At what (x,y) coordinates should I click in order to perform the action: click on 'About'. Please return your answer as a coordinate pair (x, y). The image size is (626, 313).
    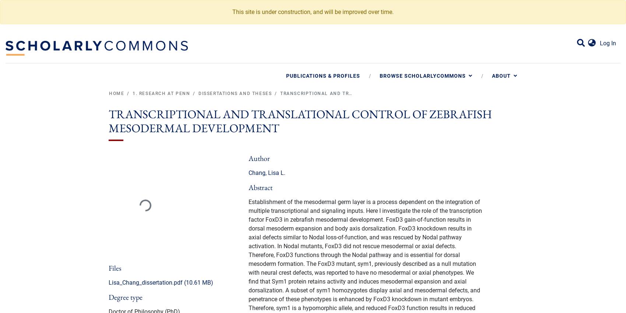
    Looking at the image, I should click on (492, 75).